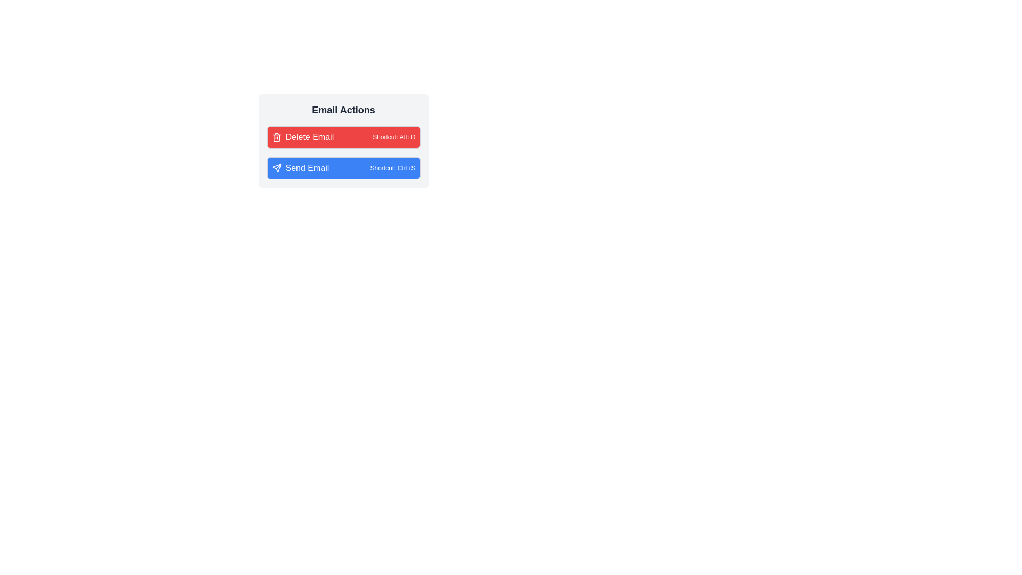 The image size is (1022, 575). Describe the element at coordinates (343, 137) in the screenshot. I see `the delete email button located in the 'Email Actions' section, positioned above the 'Send Email' button` at that location.